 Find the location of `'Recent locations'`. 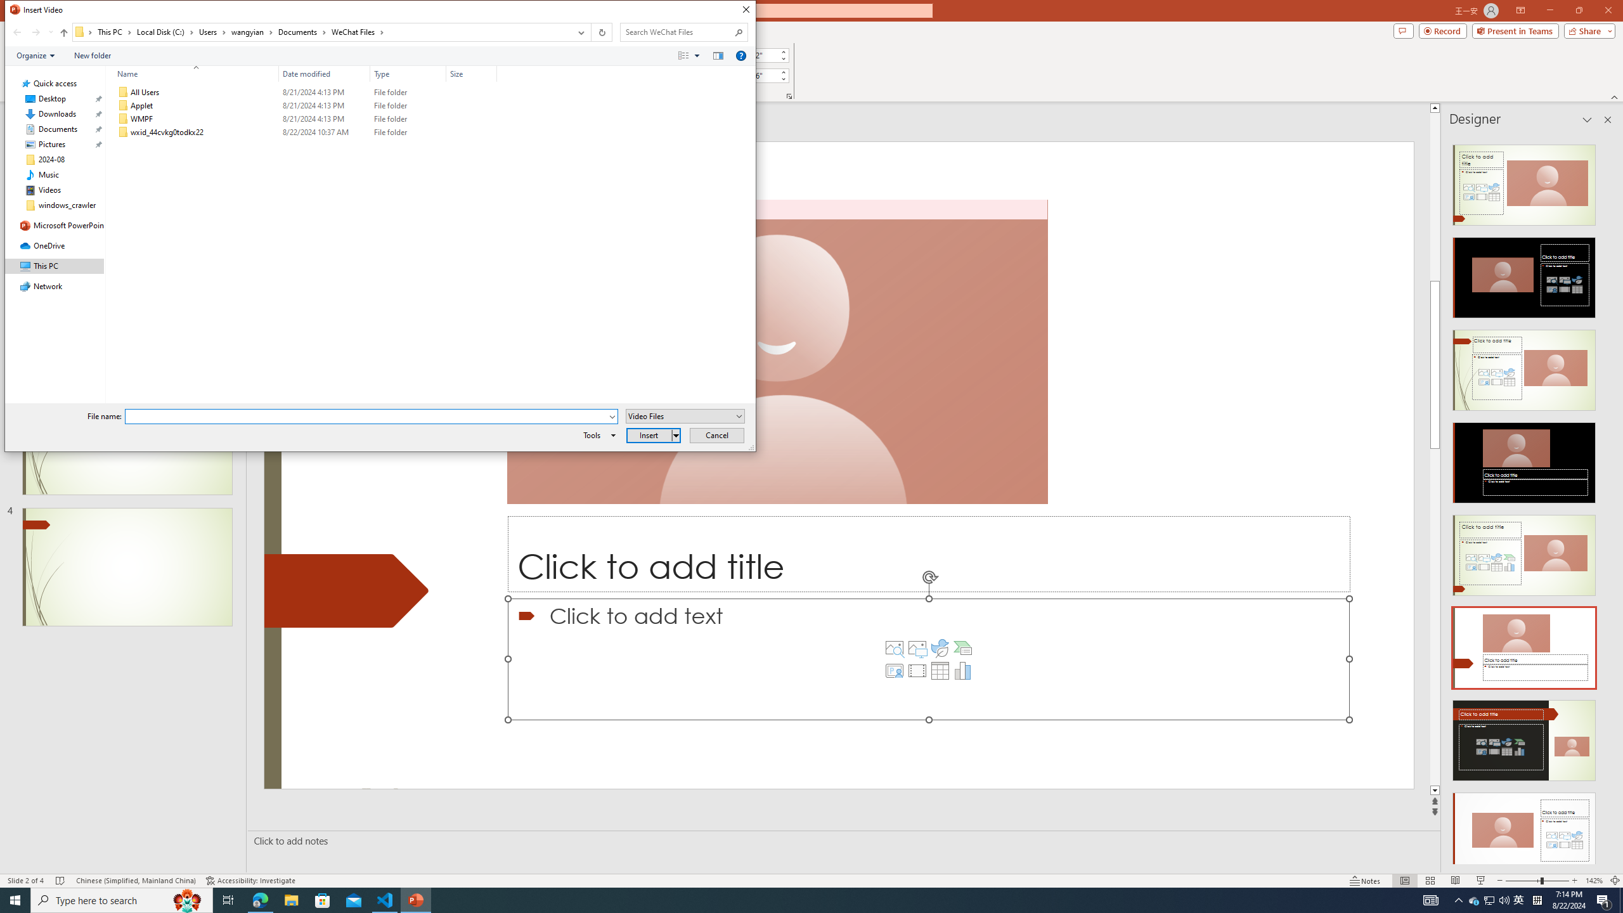

'Recent locations' is located at coordinates (49, 32).